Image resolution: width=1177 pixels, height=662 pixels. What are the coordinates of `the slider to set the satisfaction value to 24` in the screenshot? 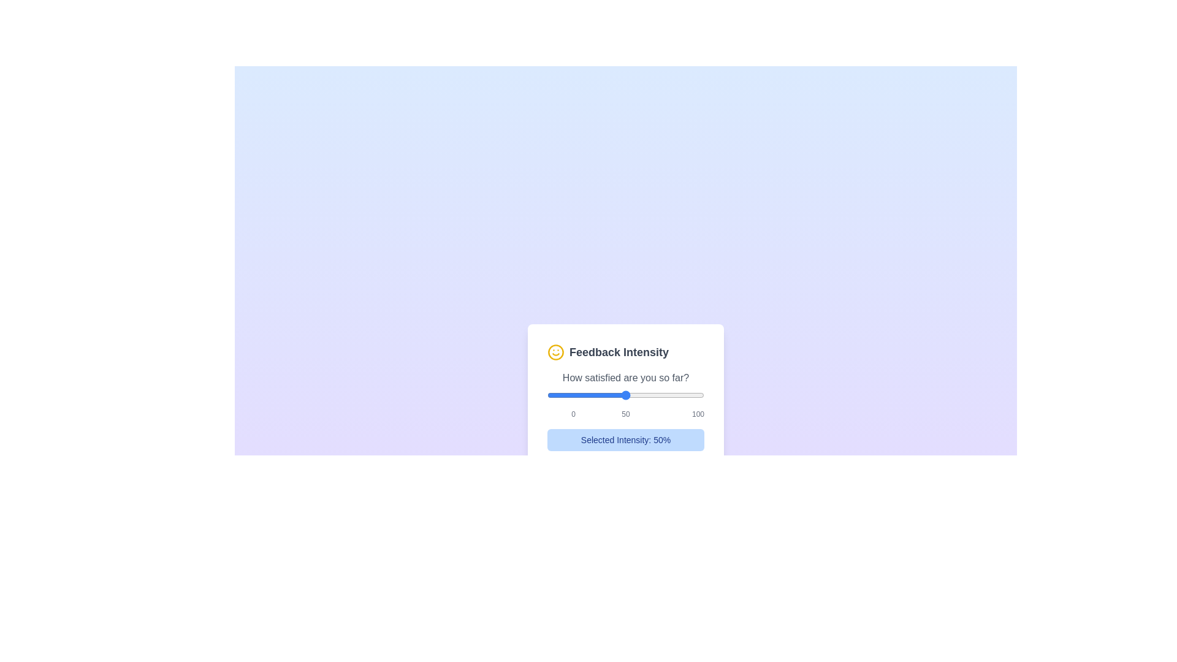 It's located at (584, 395).